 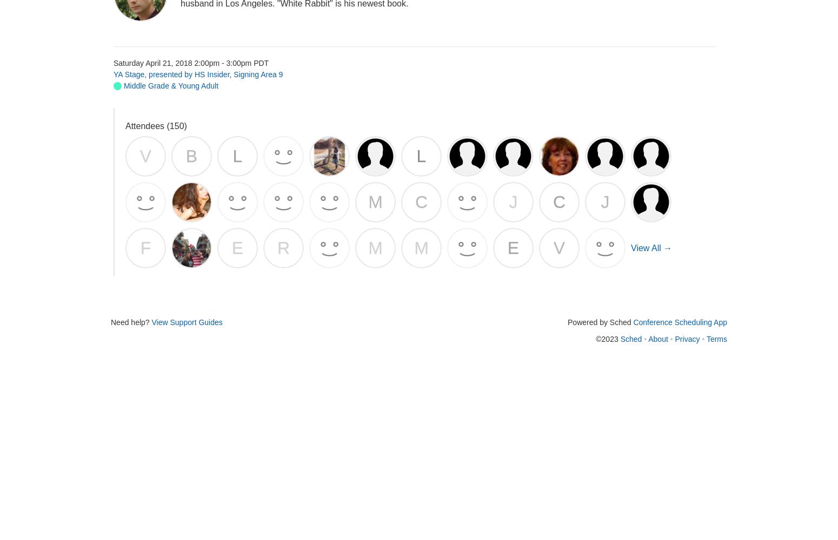 What do you see at coordinates (169, 85) in the screenshot?
I see `'Middle Grade & Young Adult'` at bounding box center [169, 85].